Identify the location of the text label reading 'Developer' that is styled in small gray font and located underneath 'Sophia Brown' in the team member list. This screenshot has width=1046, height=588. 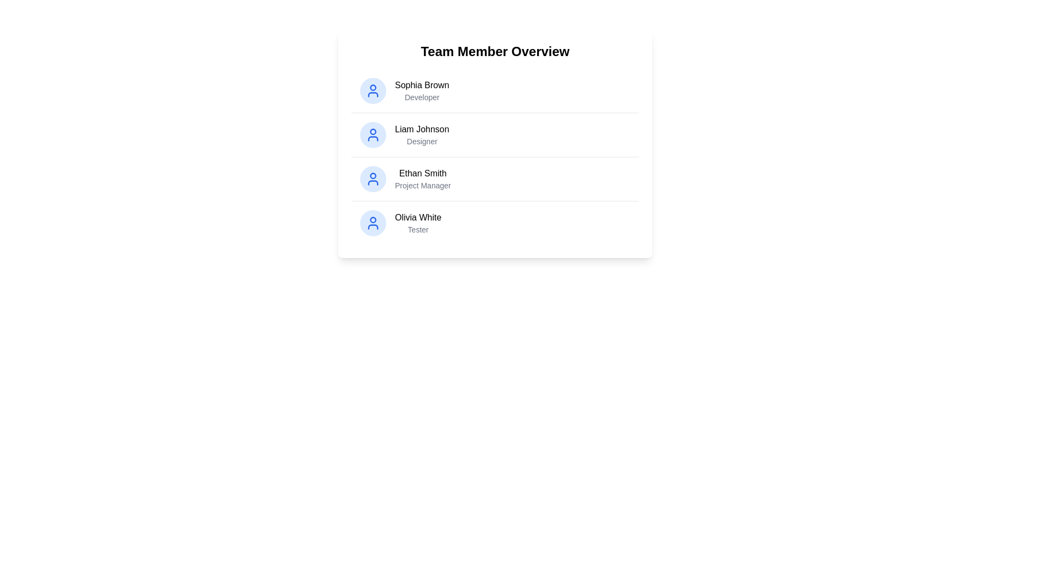
(421, 96).